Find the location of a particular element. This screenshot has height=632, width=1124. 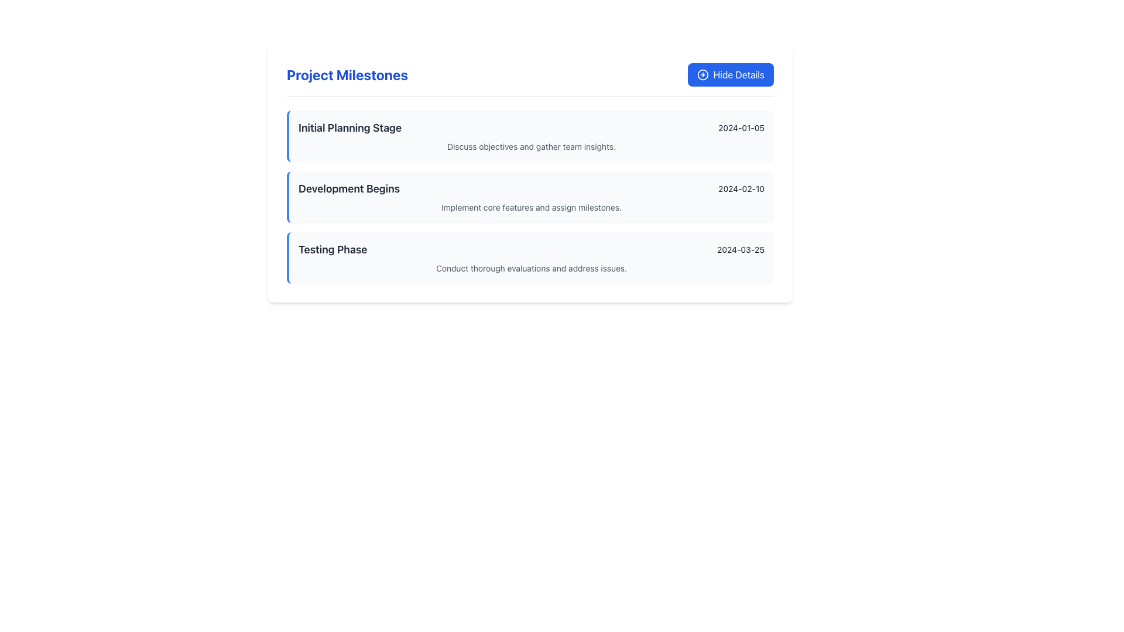

the milestone date text label located to the far right of 'Development Begins' in the 'Project Milestones' section is located at coordinates (741, 188).